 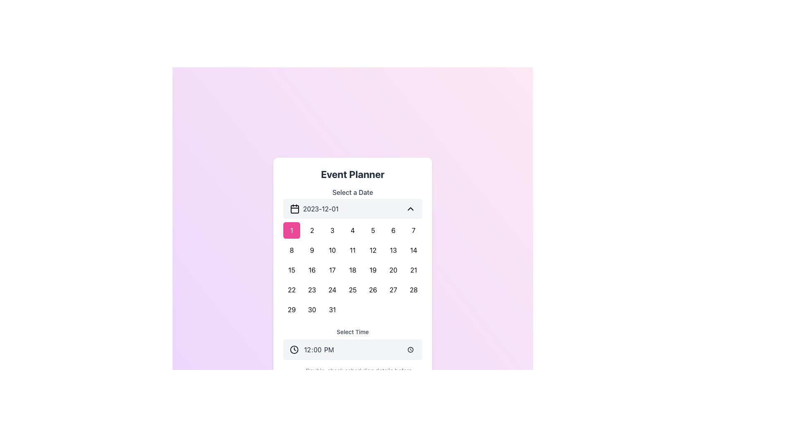 I want to click on the button-like element representing the date '19' in the calendar grid, so click(x=373, y=270).